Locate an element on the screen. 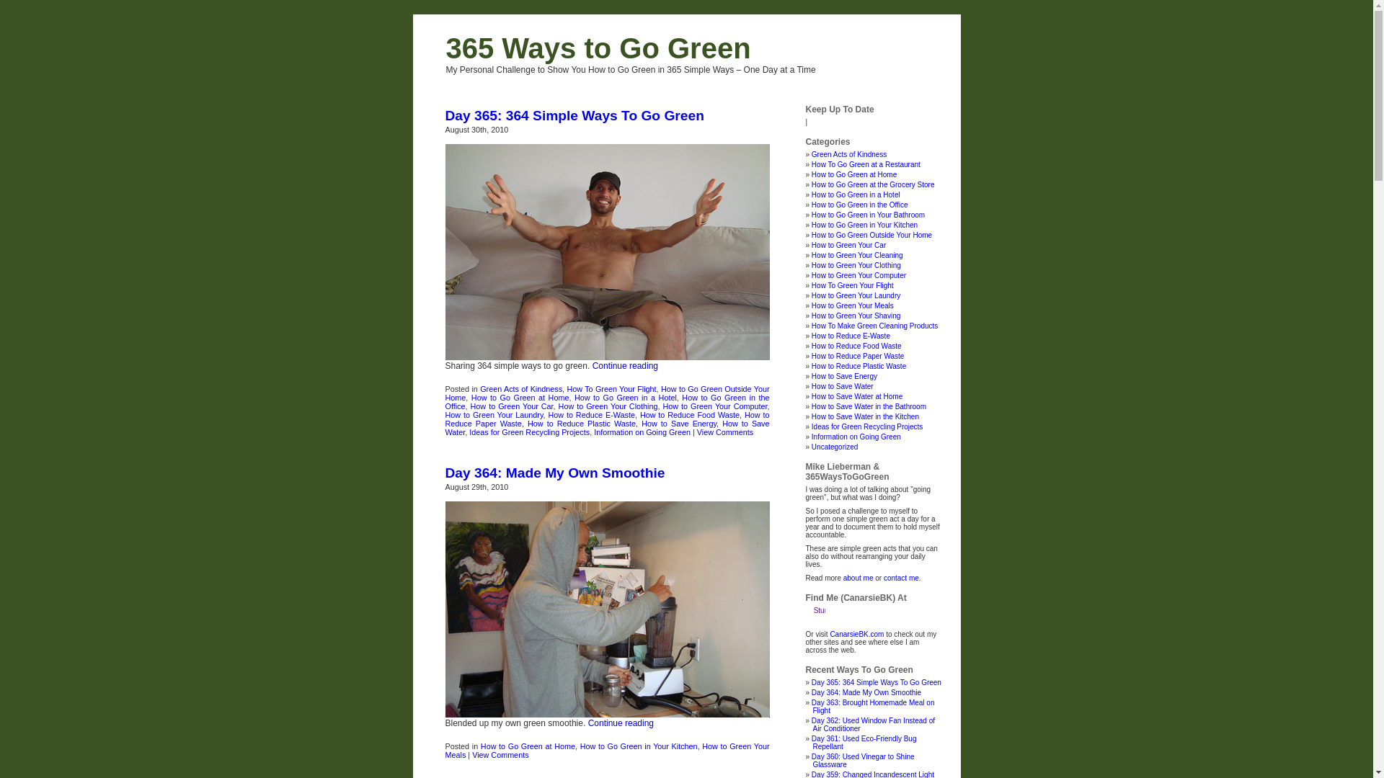 The image size is (1384, 778). 'Information on Going Green' is located at coordinates (642, 432).